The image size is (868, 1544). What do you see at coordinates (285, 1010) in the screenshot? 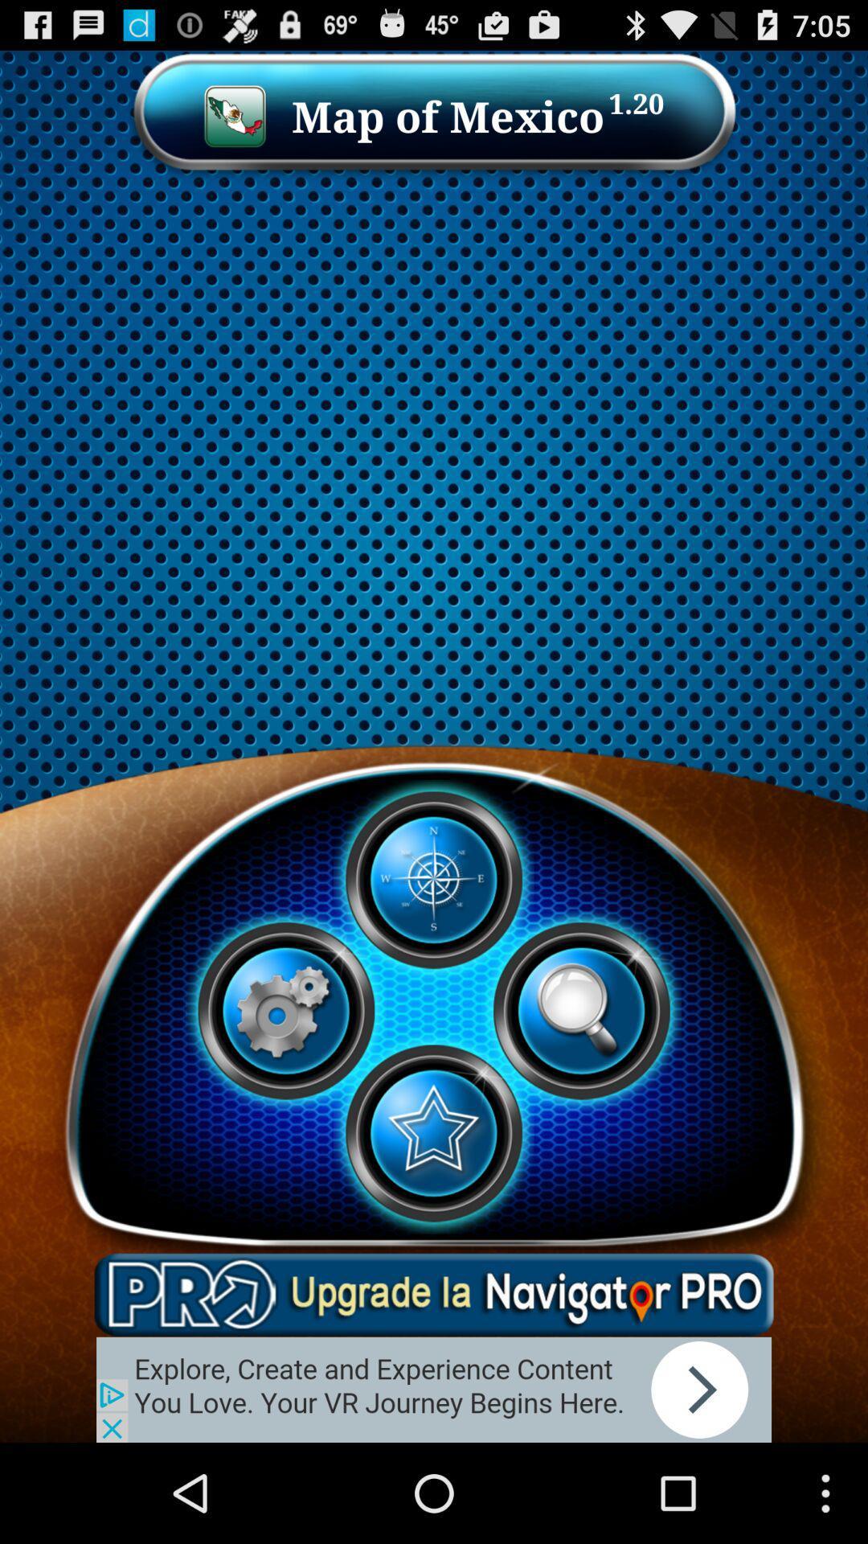
I see `setting` at bounding box center [285, 1010].